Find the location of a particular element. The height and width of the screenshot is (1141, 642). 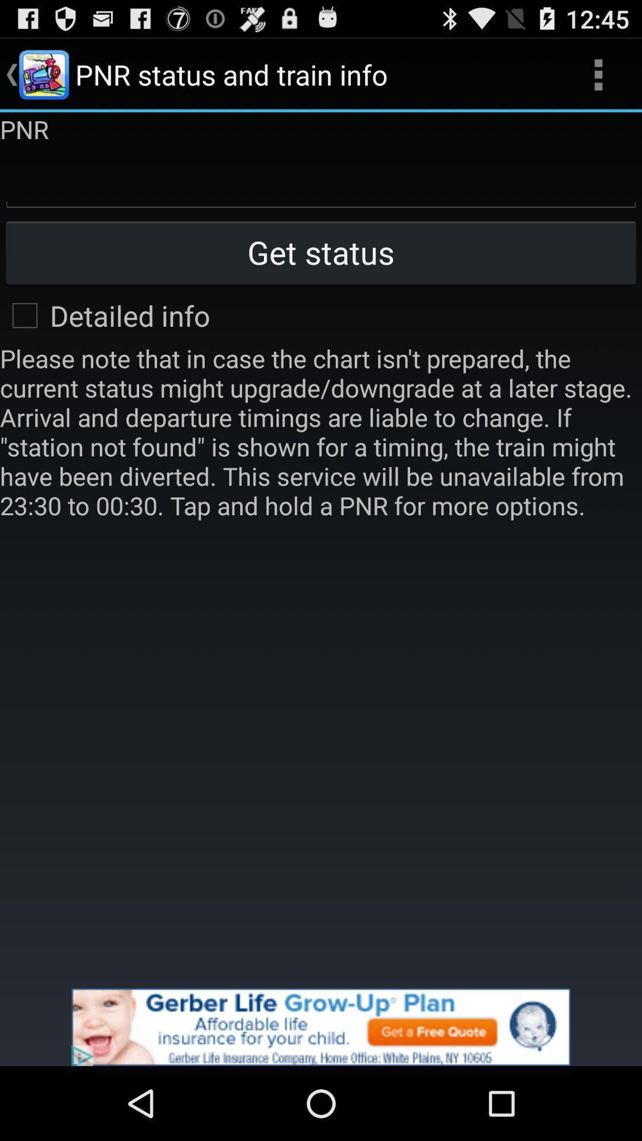

open advertisement is located at coordinates (321, 1026).